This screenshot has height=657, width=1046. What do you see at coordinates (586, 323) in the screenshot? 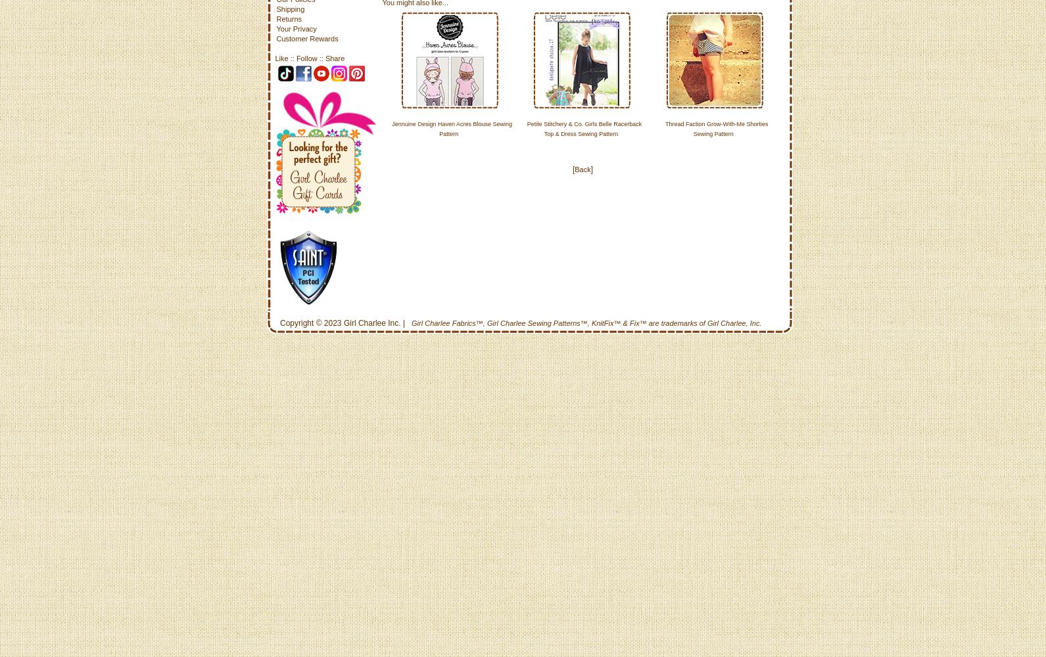
I see `'Girl Charlee Fabrics™, Girl Charlee Sewing Patterns™, KnitFix™ & Fix™ are trademarks of Girl Charlee, Inc.'` at bounding box center [586, 323].